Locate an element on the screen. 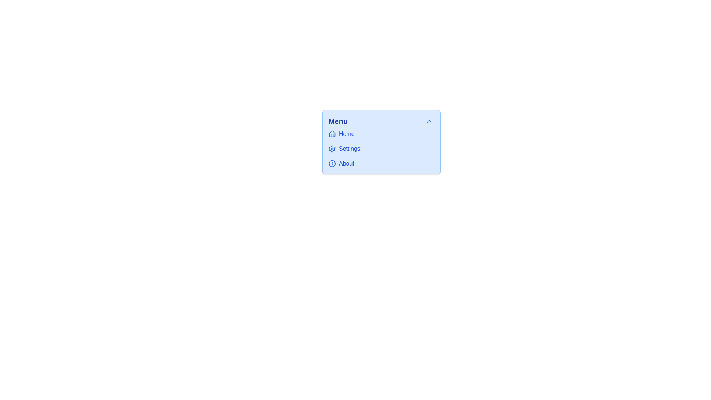 This screenshot has width=711, height=400. the decorative SVG graphical element (circle) indicating an 'info' concept located within the 'About' menu option is located at coordinates (332, 163).